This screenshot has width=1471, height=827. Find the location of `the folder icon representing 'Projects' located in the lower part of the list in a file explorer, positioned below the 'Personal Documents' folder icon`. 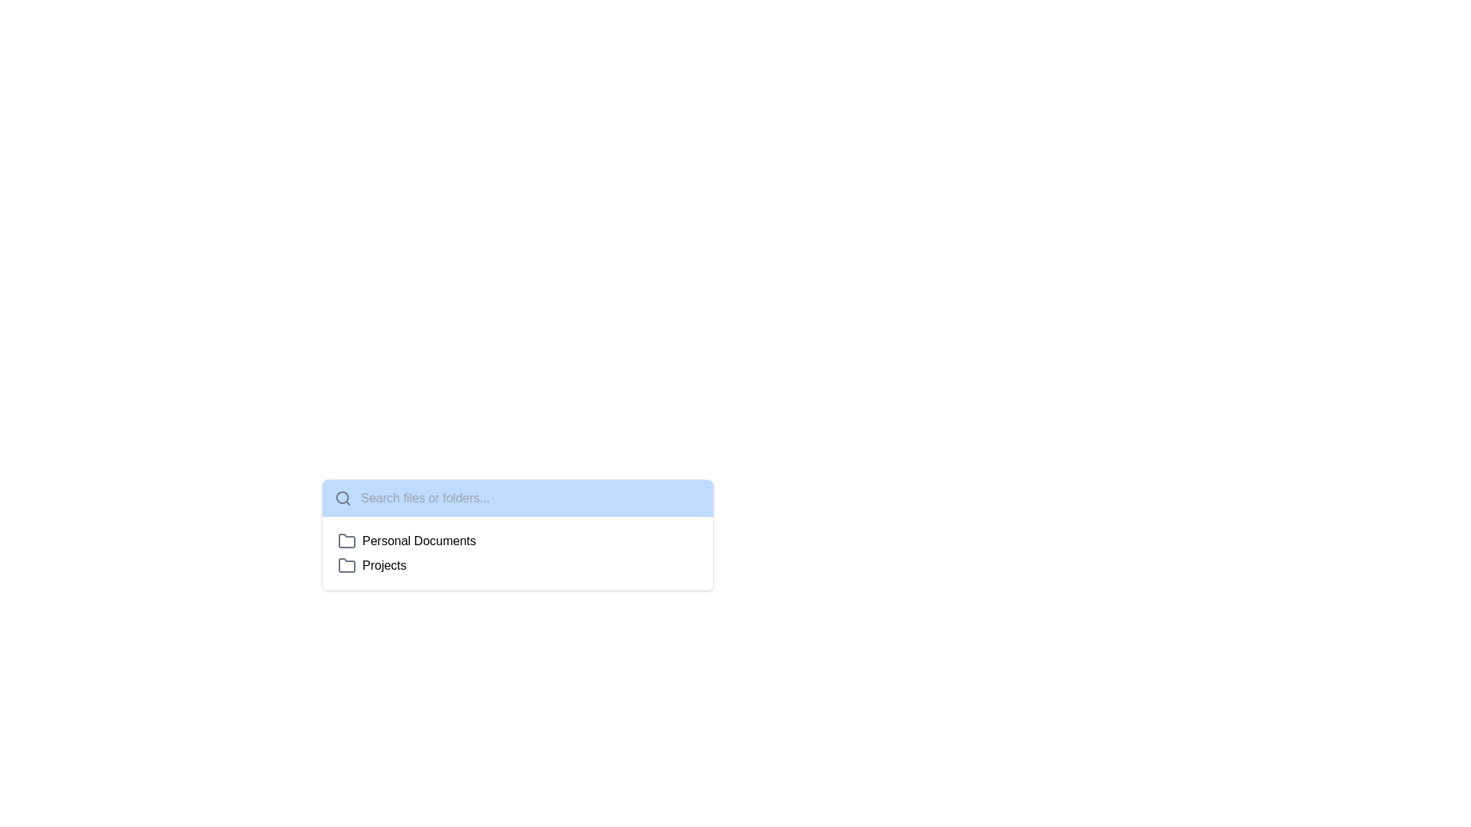

the folder icon representing 'Projects' located in the lower part of the list in a file explorer, positioned below the 'Personal Documents' folder icon is located at coordinates (346, 564).